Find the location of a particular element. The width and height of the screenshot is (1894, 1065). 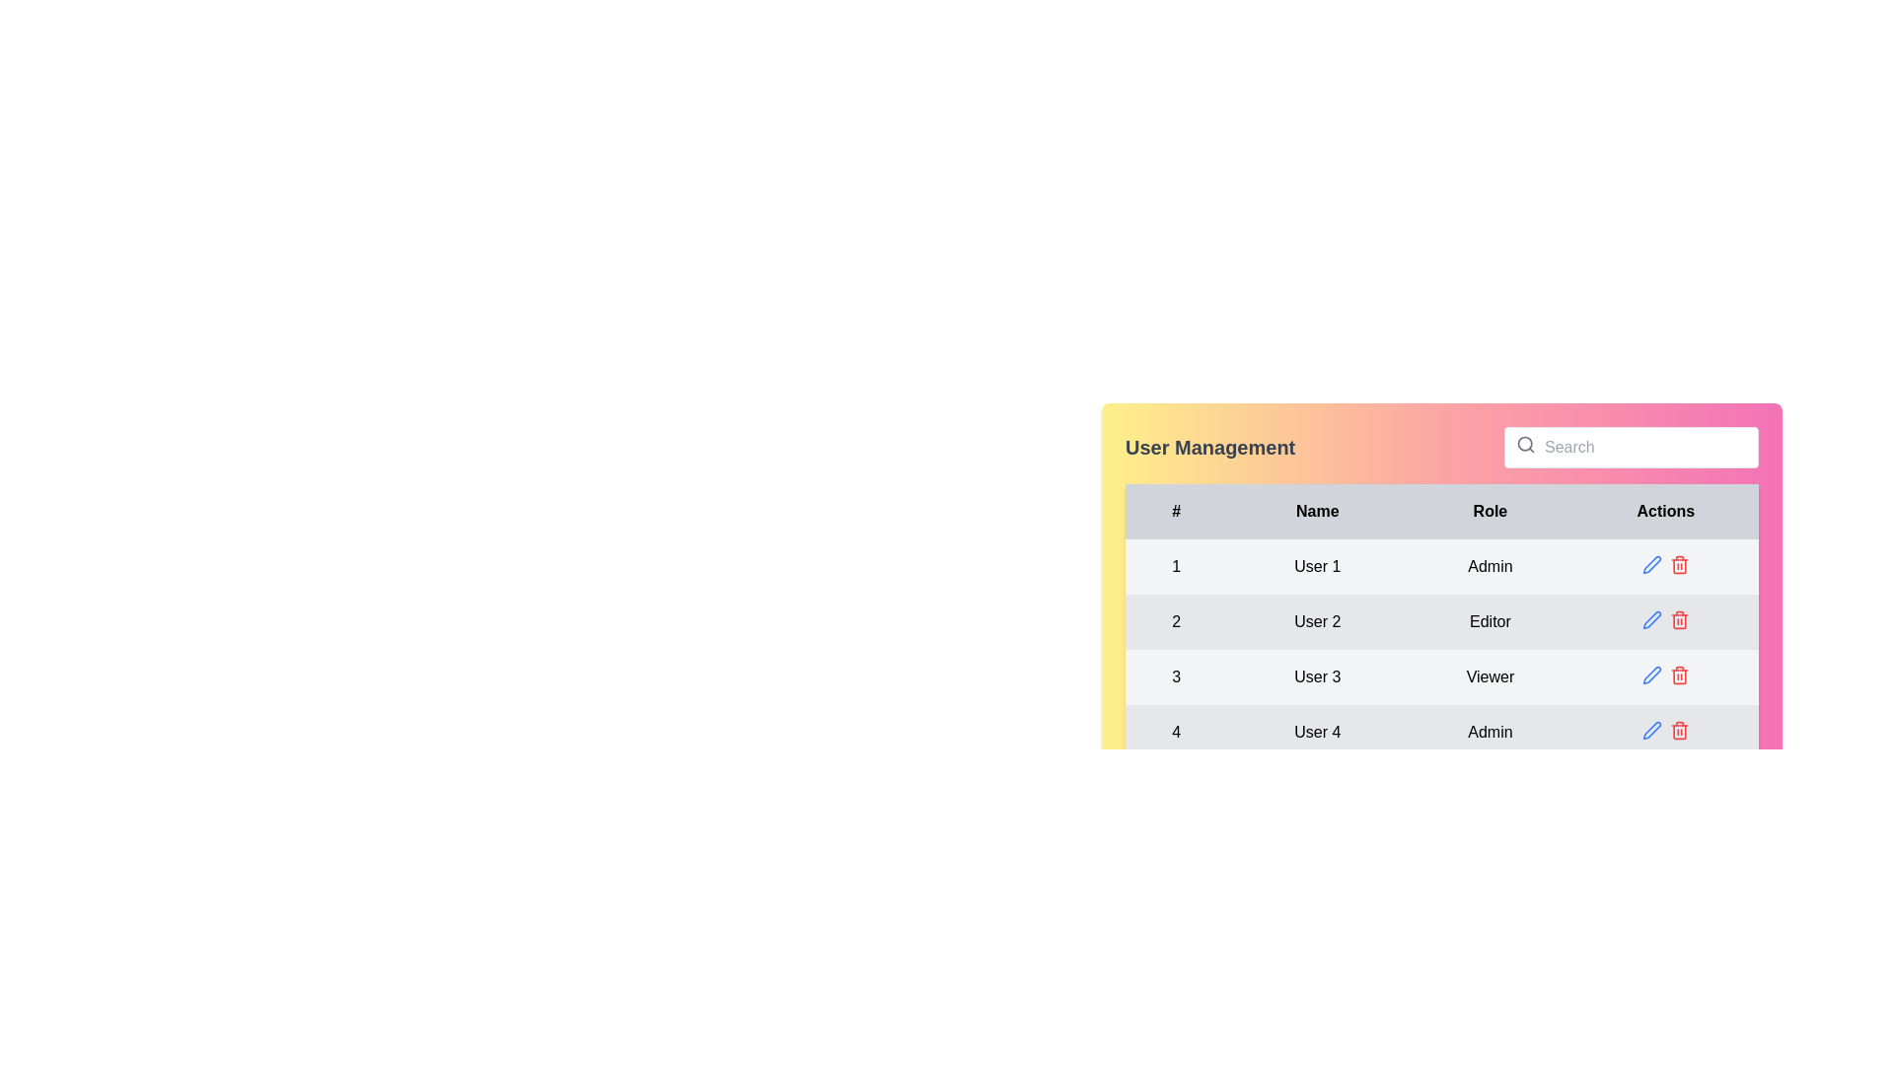

the Text Label indicating the role of the associated user as 'Admin' in the Role column of the first row of the table is located at coordinates (1490, 566).